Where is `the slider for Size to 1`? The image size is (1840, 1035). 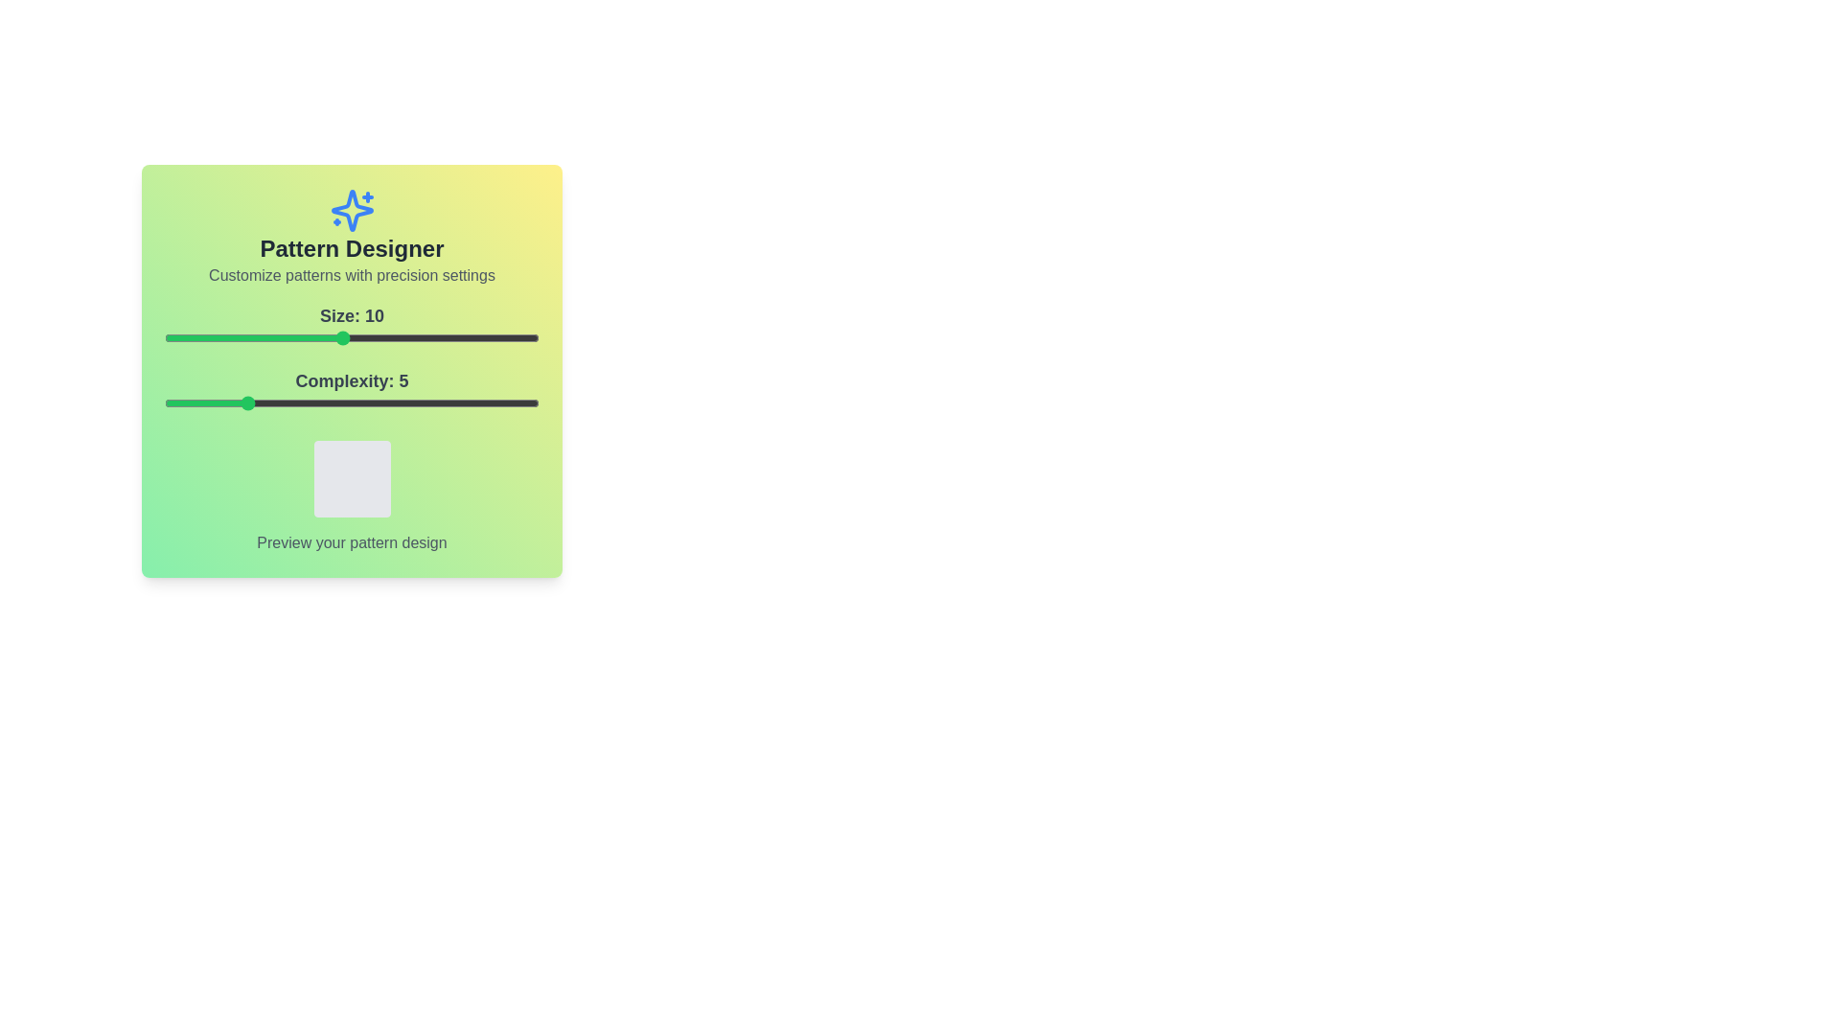
the slider for Size to 1 is located at coordinates (165, 337).